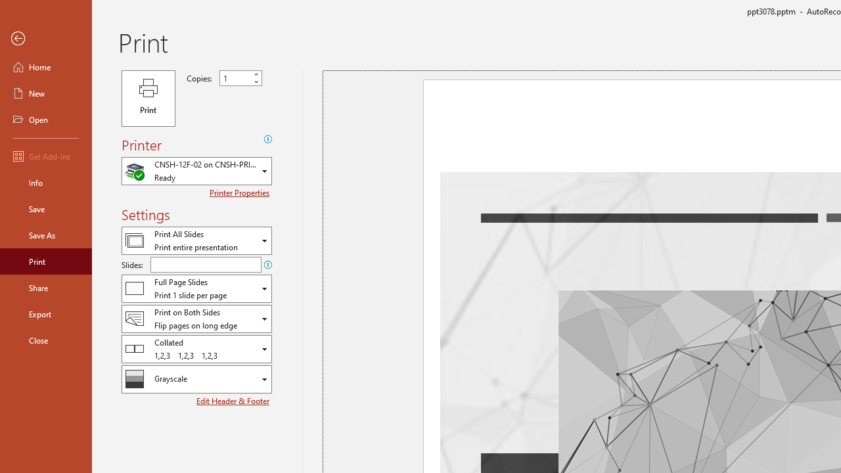 This screenshot has height=473, width=841. What do you see at coordinates (256, 74) in the screenshot?
I see `'More'` at bounding box center [256, 74].